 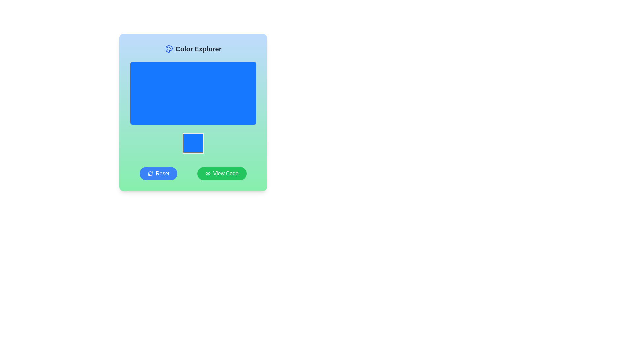 What do you see at coordinates (193, 143) in the screenshot?
I see `the blue color picker button located below the large display box, positioned between the 'Reset' and 'View Code' buttons` at bounding box center [193, 143].